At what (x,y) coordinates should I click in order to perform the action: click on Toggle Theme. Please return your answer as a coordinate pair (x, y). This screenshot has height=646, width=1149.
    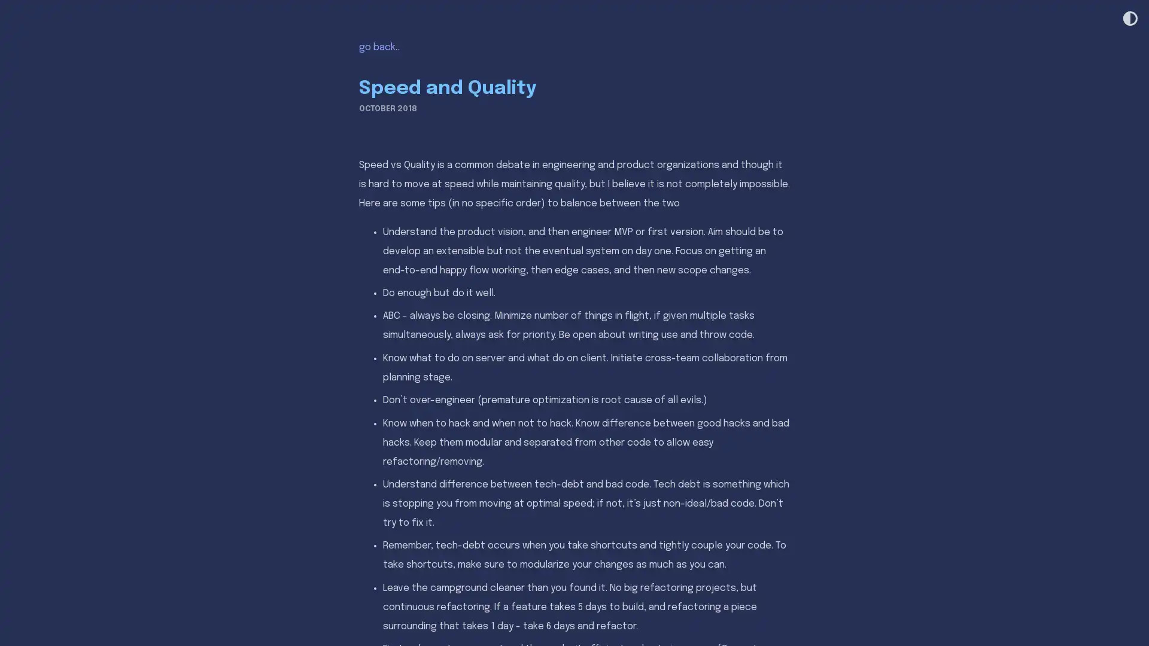
    Looking at the image, I should click on (1129, 19).